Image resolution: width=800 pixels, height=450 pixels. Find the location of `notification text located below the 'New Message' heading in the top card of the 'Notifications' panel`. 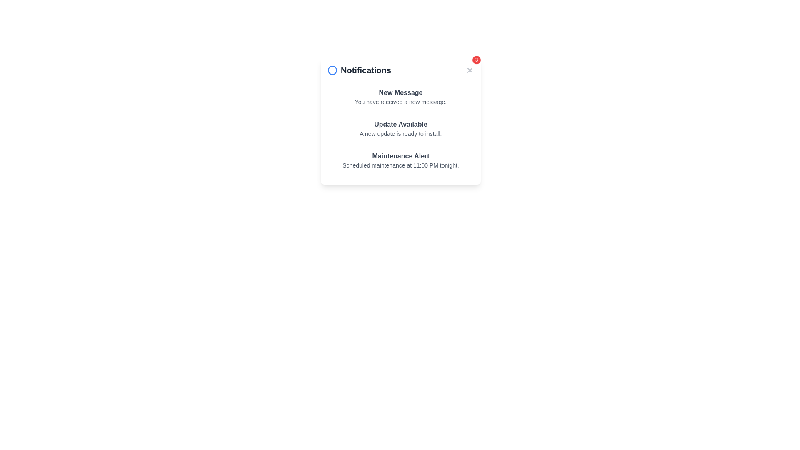

notification text located below the 'New Message' heading in the top card of the 'Notifications' panel is located at coordinates (400, 102).